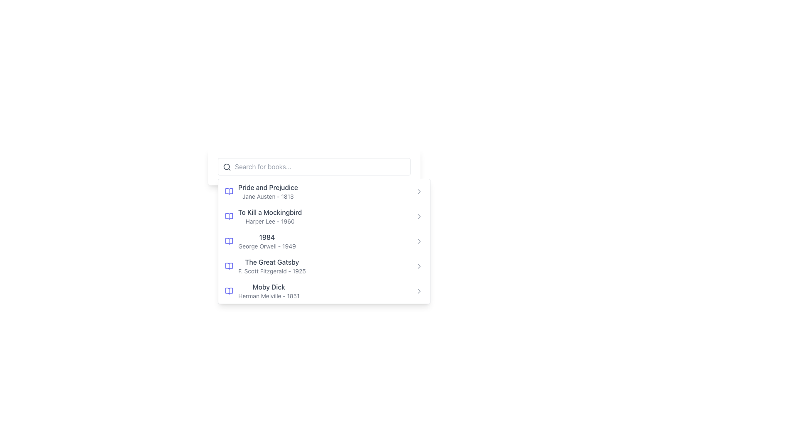 This screenshot has width=797, height=448. Describe the element at coordinates (260, 241) in the screenshot. I see `the third list item displaying '1984' in the book selection menu` at that location.